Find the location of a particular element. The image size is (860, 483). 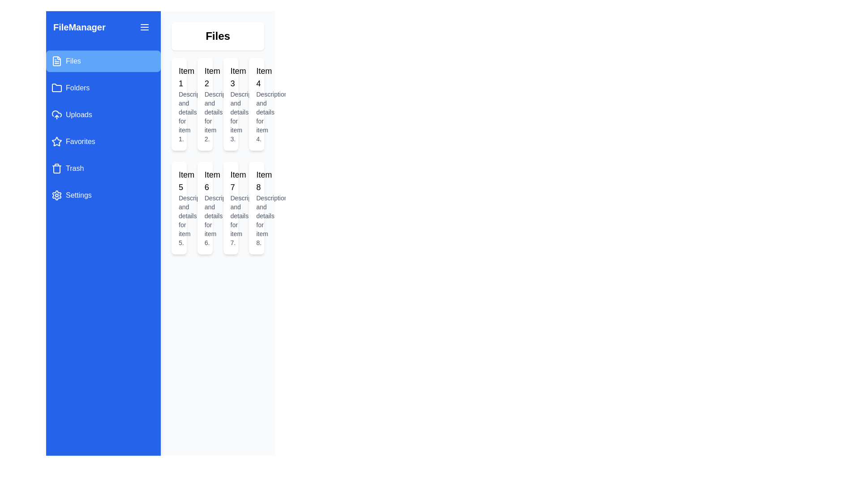

the blue star icon with a black outline in the 'Favorites' section of the vertical navigation panel is located at coordinates (56, 141).